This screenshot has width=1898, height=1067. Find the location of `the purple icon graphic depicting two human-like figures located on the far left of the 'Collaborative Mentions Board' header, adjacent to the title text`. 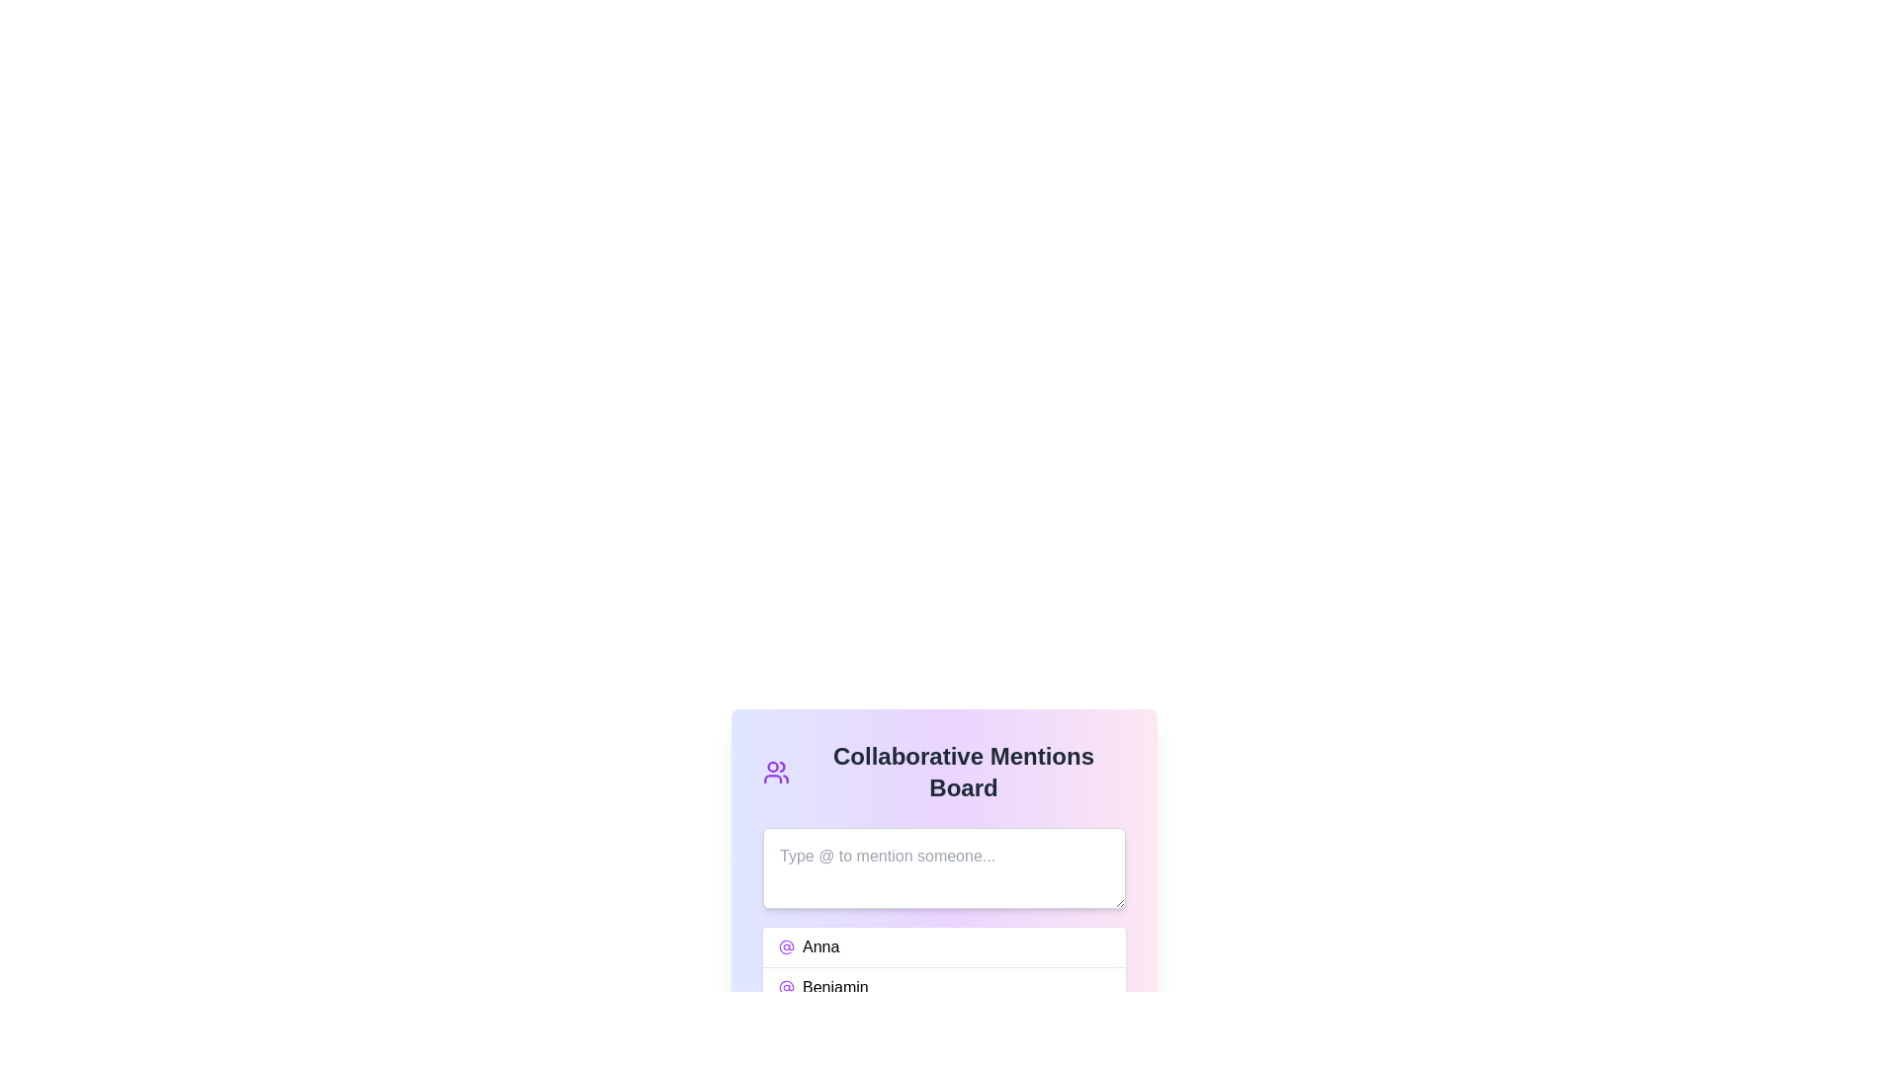

the purple icon graphic depicting two human-like figures located on the far left of the 'Collaborative Mentions Board' header, adjacent to the title text is located at coordinates (775, 772).